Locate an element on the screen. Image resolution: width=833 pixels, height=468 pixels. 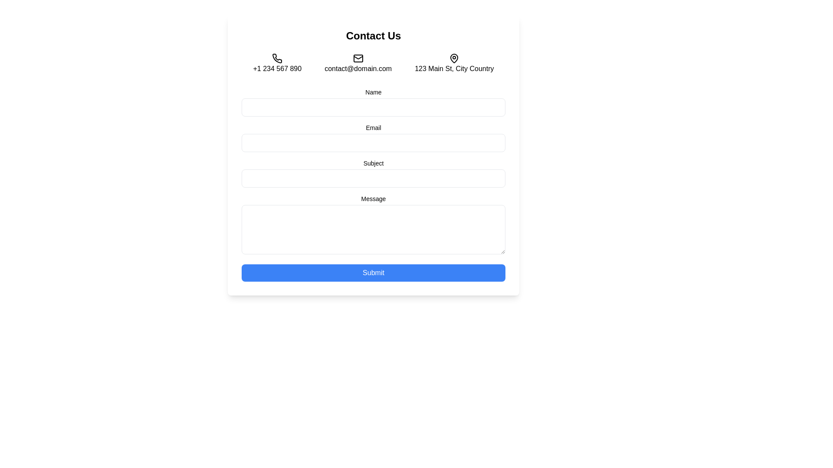
the envelope icon representing an email symbol, which is centrally located above the text label 'contact@domain.com.' is located at coordinates (358, 58).